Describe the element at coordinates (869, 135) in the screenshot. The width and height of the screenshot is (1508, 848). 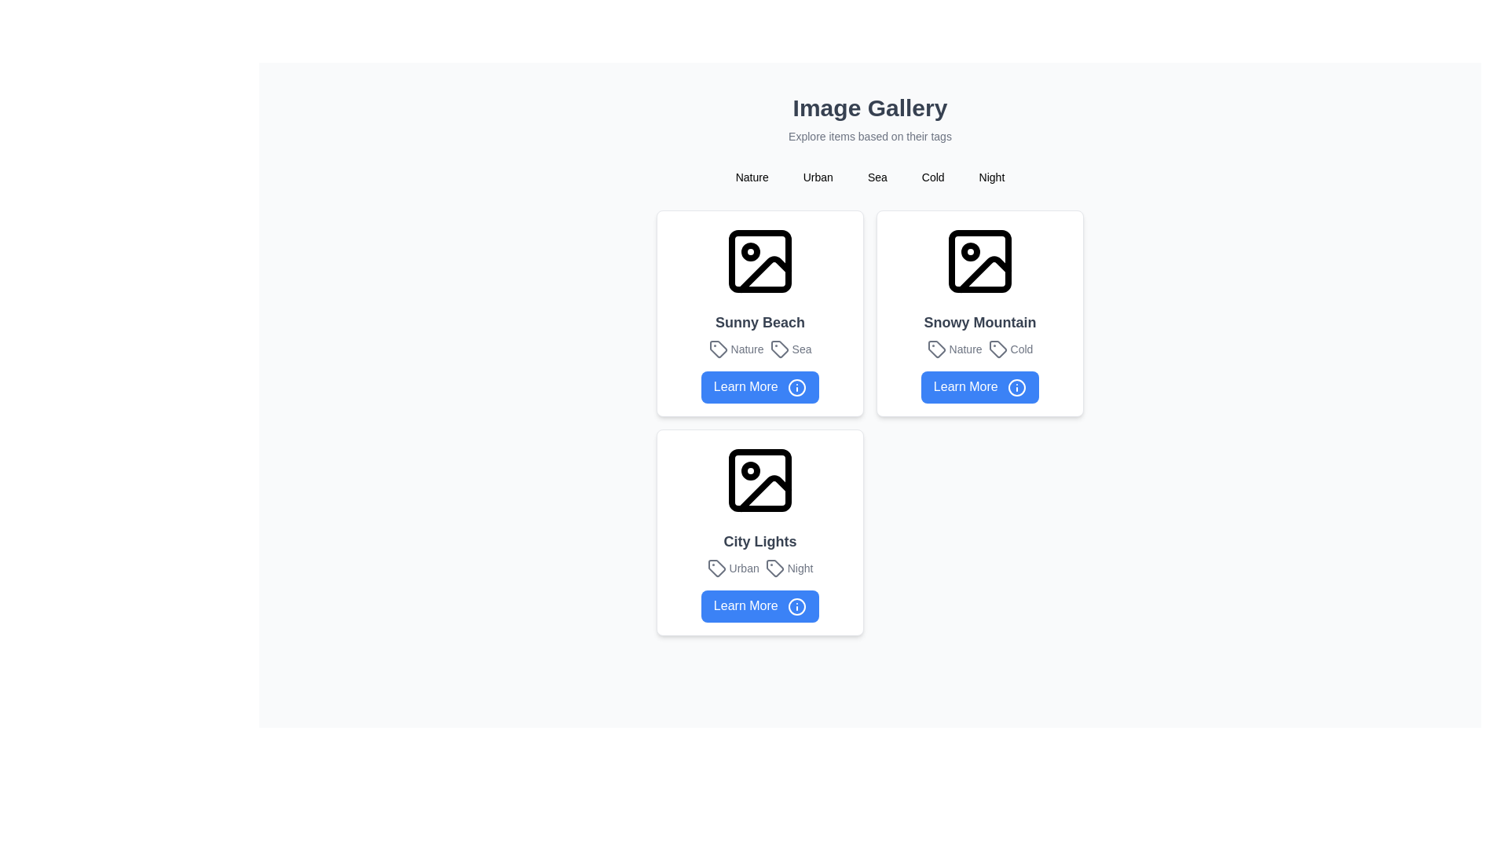
I see `the text label that says 'Explore items based on their tags', which is styled with a small font size and subtle gray color, located directly below the header 'Image Gallery'` at that location.